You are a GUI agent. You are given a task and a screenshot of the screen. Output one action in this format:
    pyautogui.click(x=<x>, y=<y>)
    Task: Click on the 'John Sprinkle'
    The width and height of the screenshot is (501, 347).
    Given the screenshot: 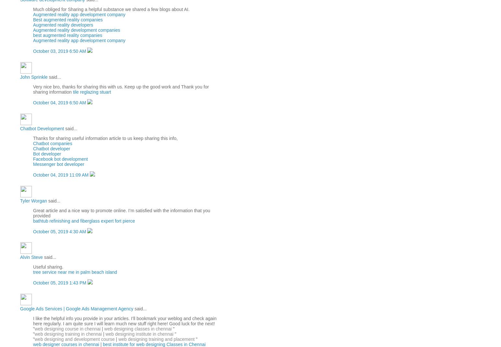 What is the action you would take?
    pyautogui.click(x=33, y=77)
    